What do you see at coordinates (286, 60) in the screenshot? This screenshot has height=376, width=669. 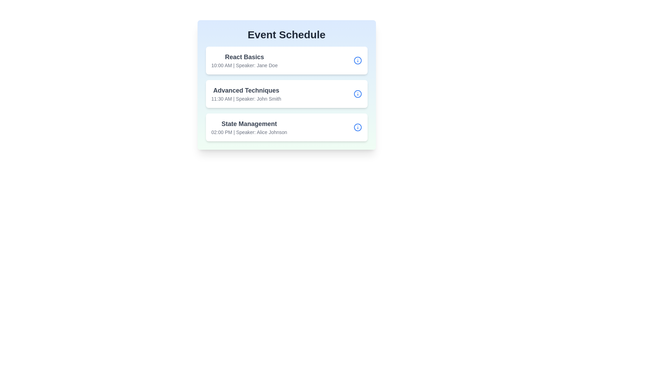 I see `the session item corresponding to React Basics` at bounding box center [286, 60].